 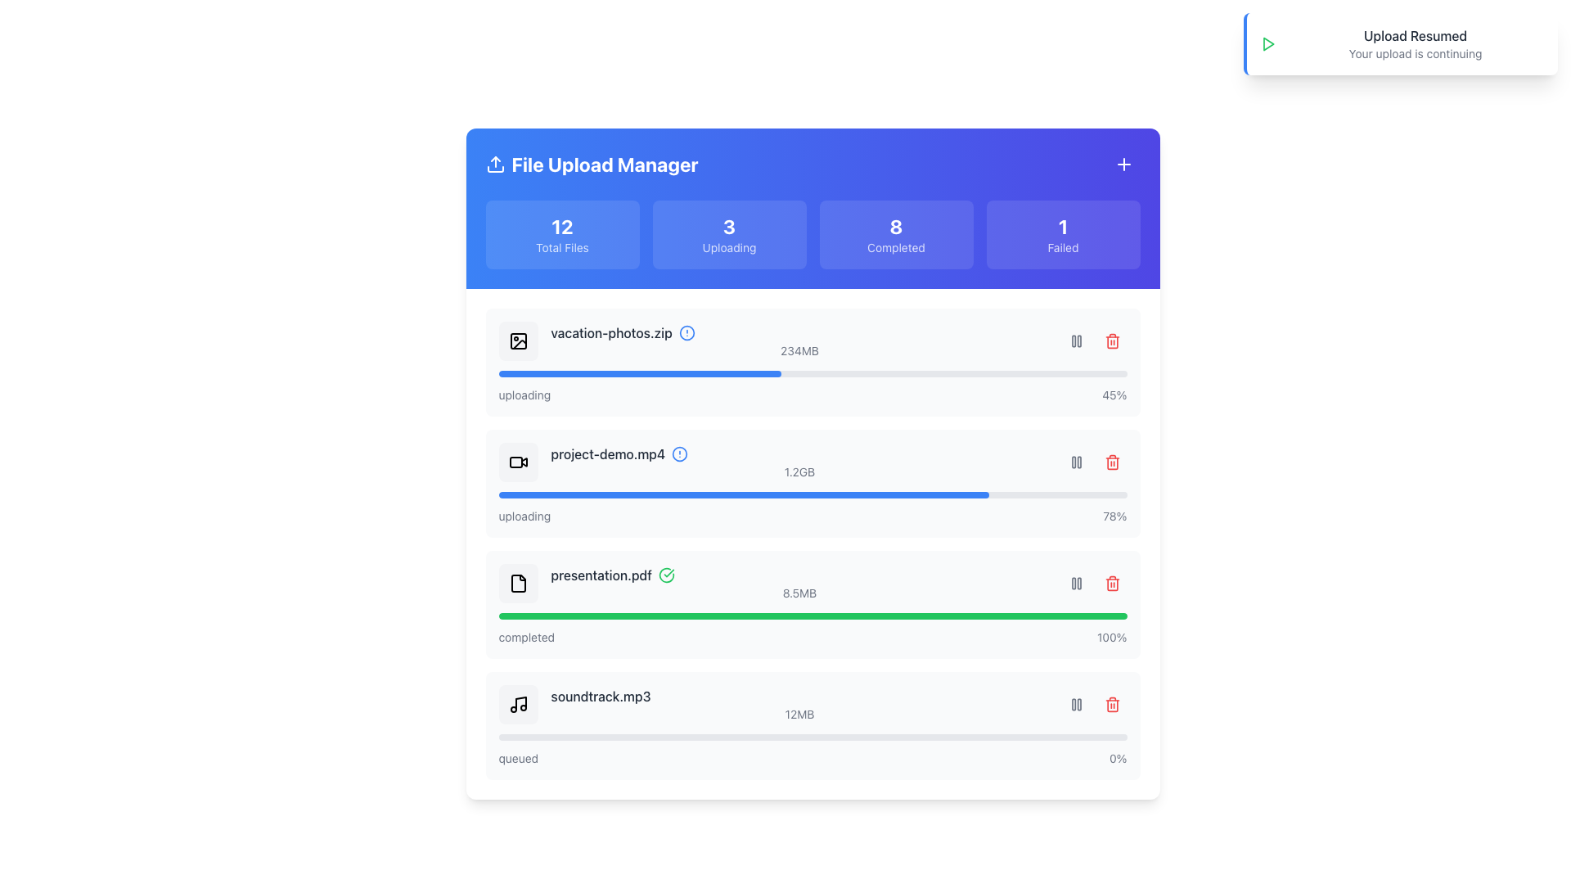 What do you see at coordinates (813, 494) in the screenshot?
I see `the horizontal progress bar indicating the upload status for 'project-demo.mp4' located below the file size '1.2GB'` at bounding box center [813, 494].